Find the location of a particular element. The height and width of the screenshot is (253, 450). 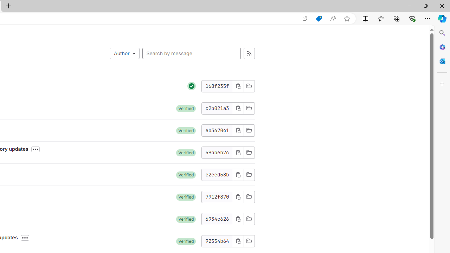

'Pipeline: passed' is located at coordinates (192, 86).